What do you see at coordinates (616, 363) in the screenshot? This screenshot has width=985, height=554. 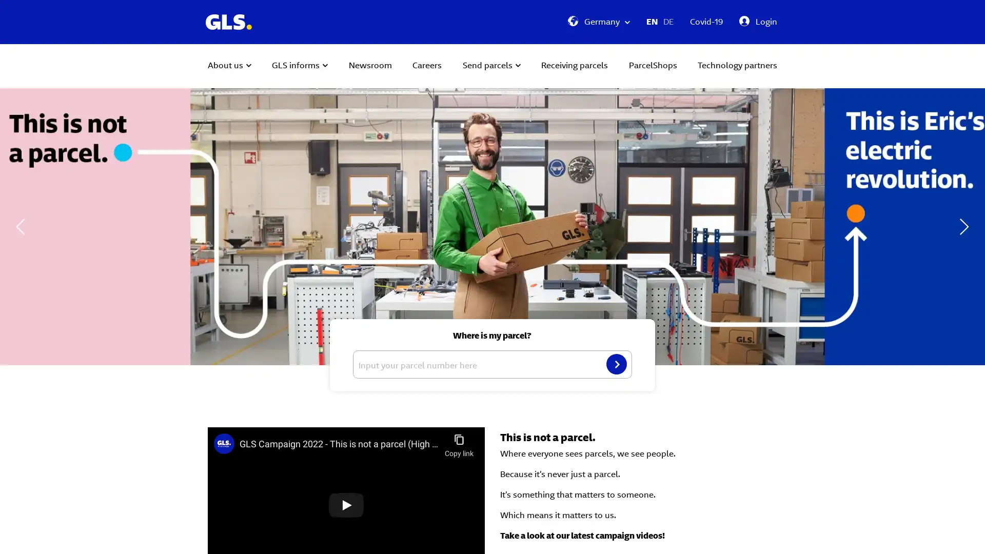 I see `Search` at bounding box center [616, 363].